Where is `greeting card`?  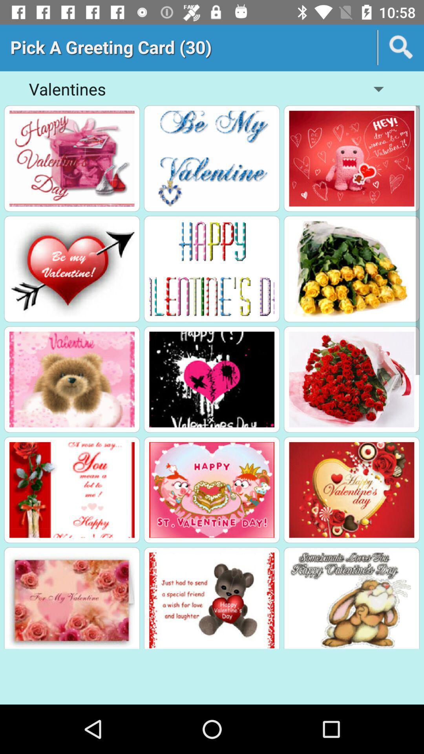
greeting card is located at coordinates (351, 158).